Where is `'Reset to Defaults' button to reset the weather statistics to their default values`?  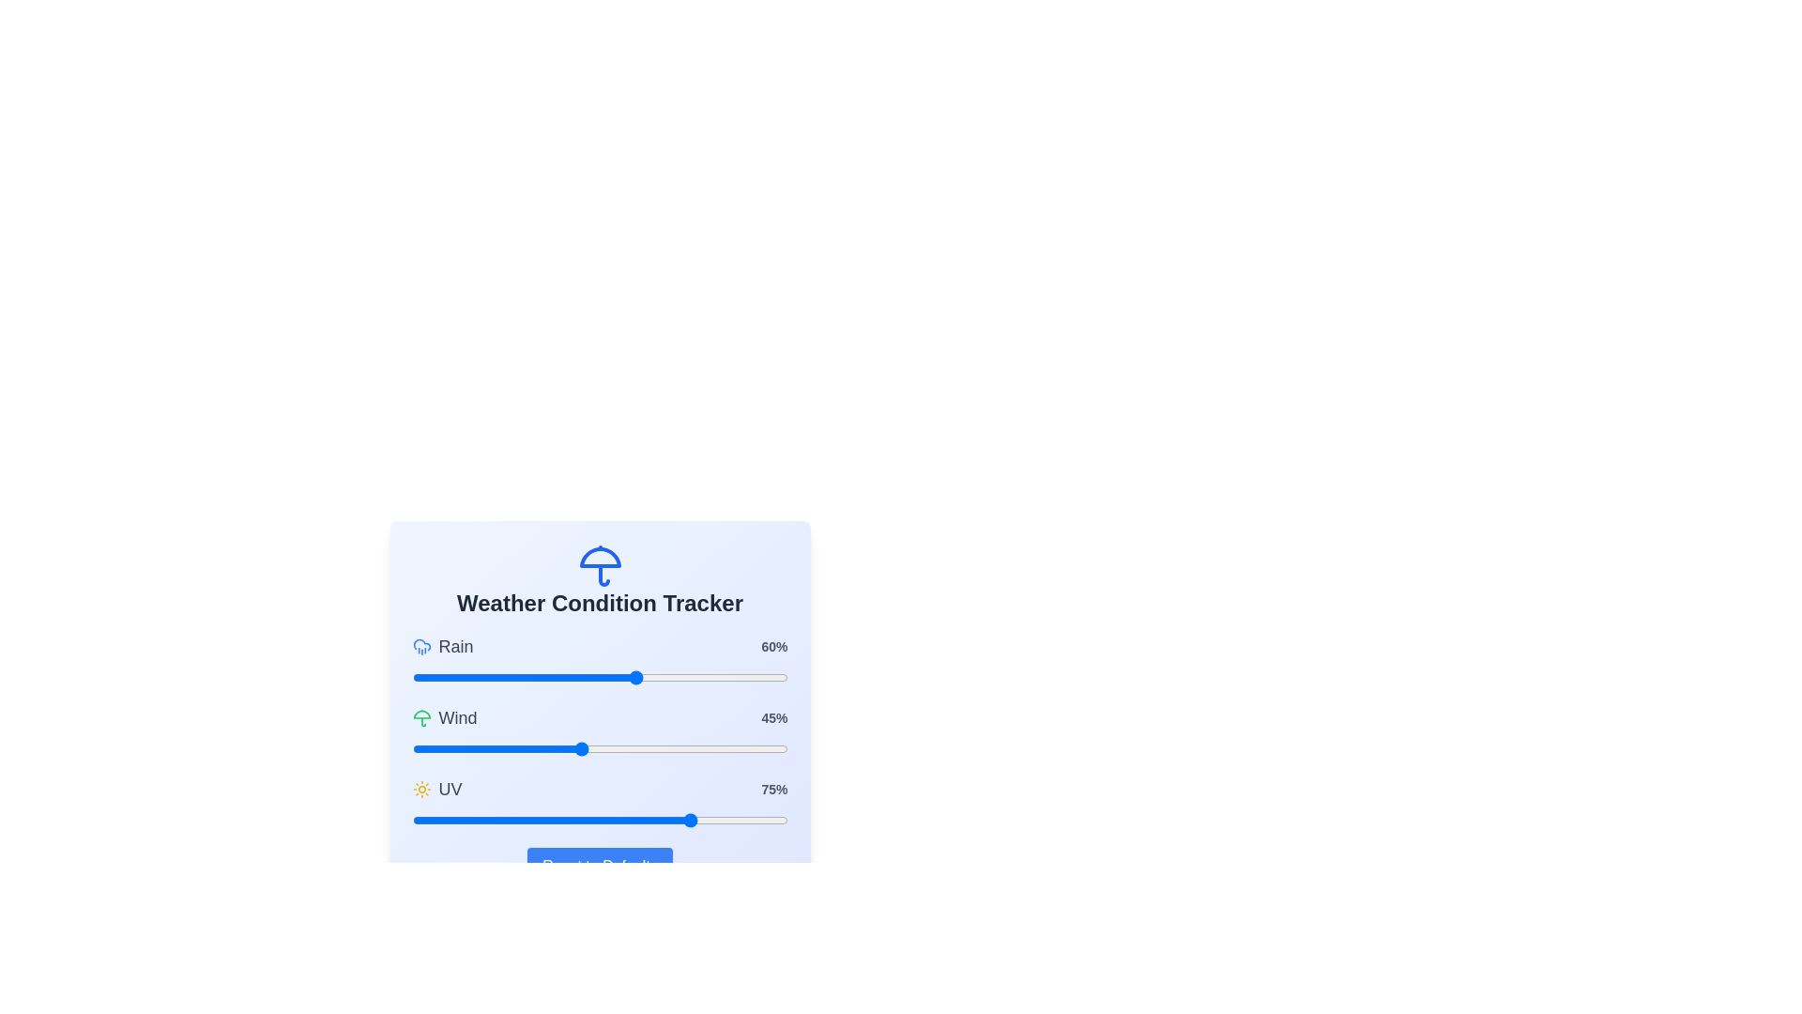
'Reset to Defaults' button to reset the weather statistics to their default values is located at coordinates (599, 866).